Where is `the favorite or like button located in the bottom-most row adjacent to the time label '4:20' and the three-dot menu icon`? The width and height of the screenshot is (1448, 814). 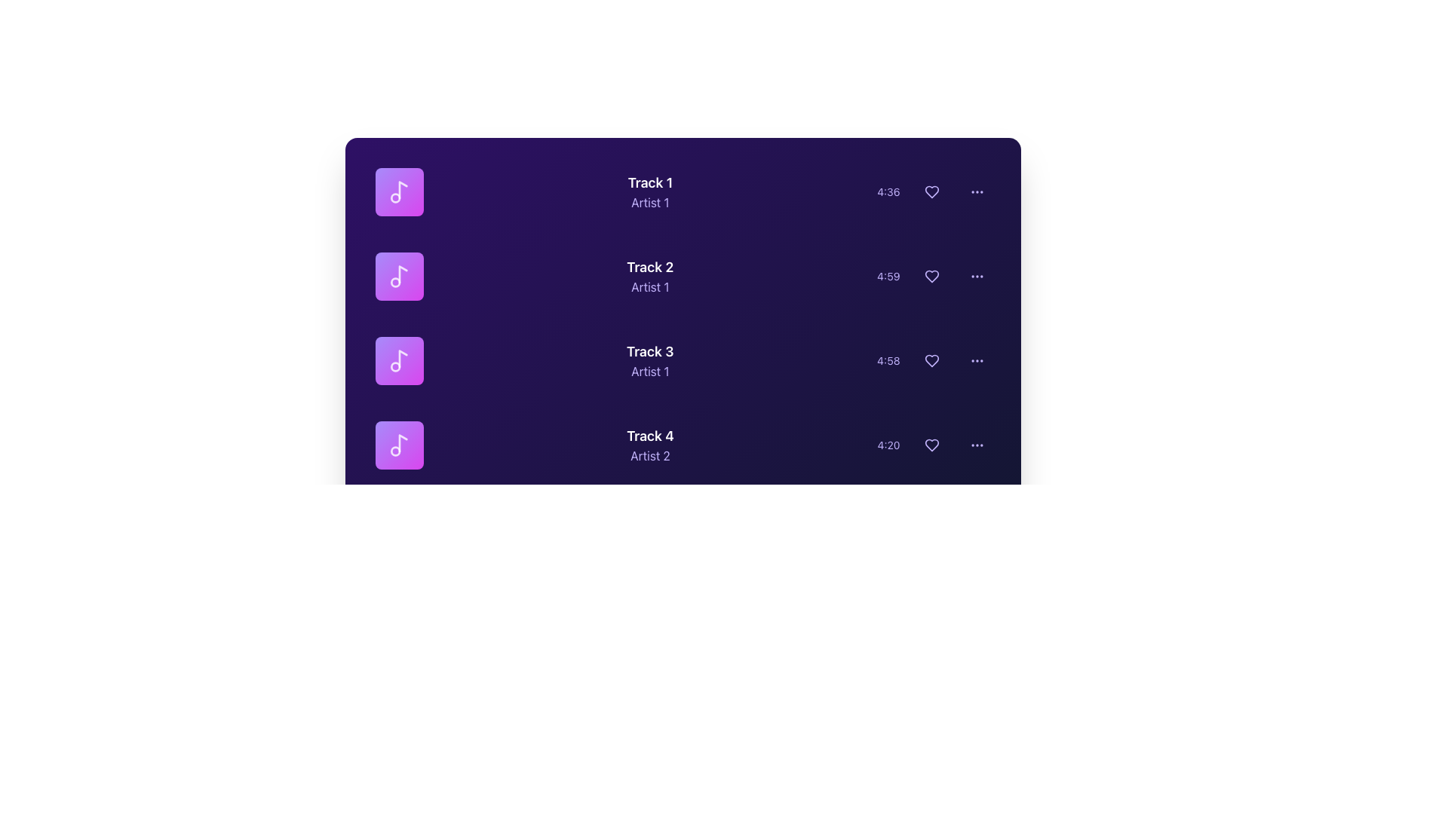
the favorite or like button located in the bottom-most row adjacent to the time label '4:20' and the three-dot menu icon is located at coordinates (931, 444).